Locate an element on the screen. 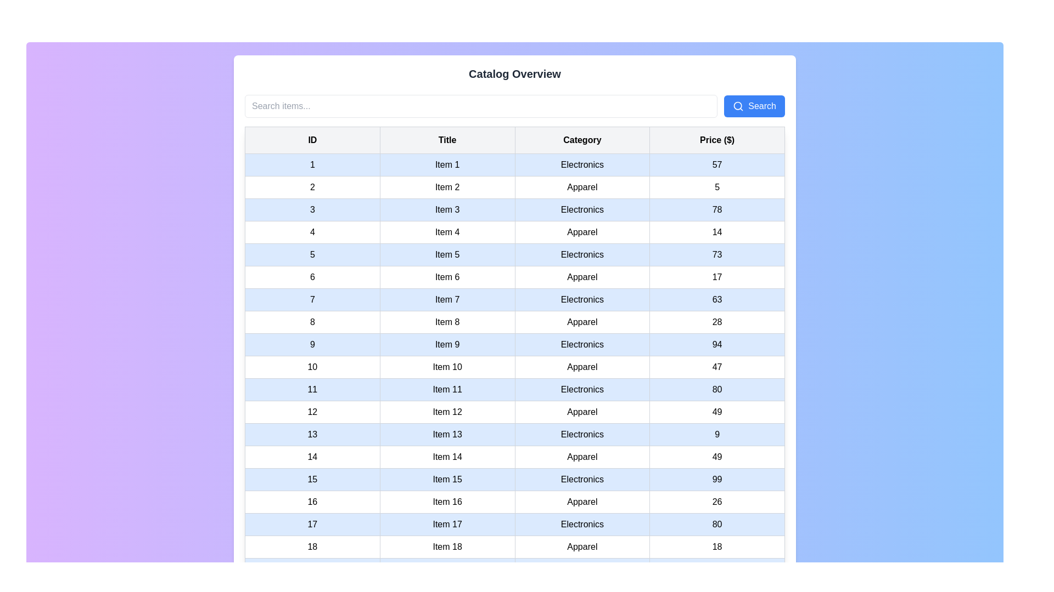 This screenshot has height=592, width=1054. the table cell containing the title 'Item 11', which is the second cell in the eleventh row under the 'Title' column is located at coordinates (447, 389).